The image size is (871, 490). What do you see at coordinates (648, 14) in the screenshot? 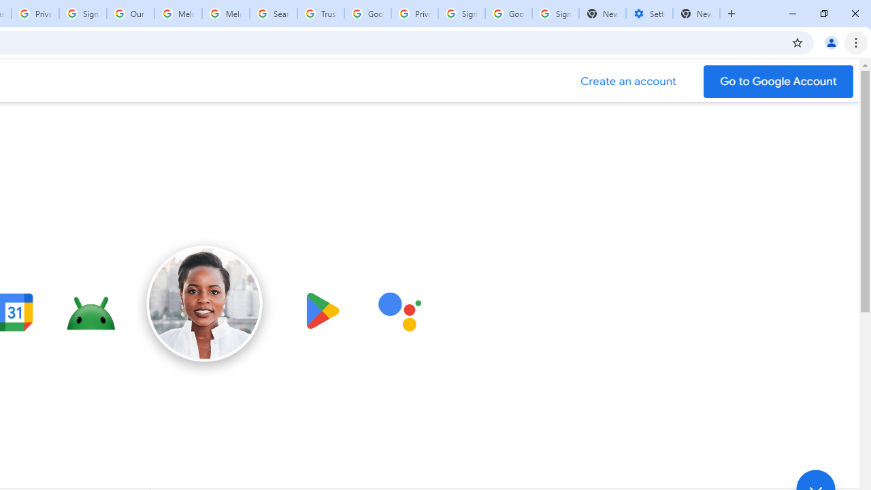
I see `'Settings - Addresses and more'` at bounding box center [648, 14].